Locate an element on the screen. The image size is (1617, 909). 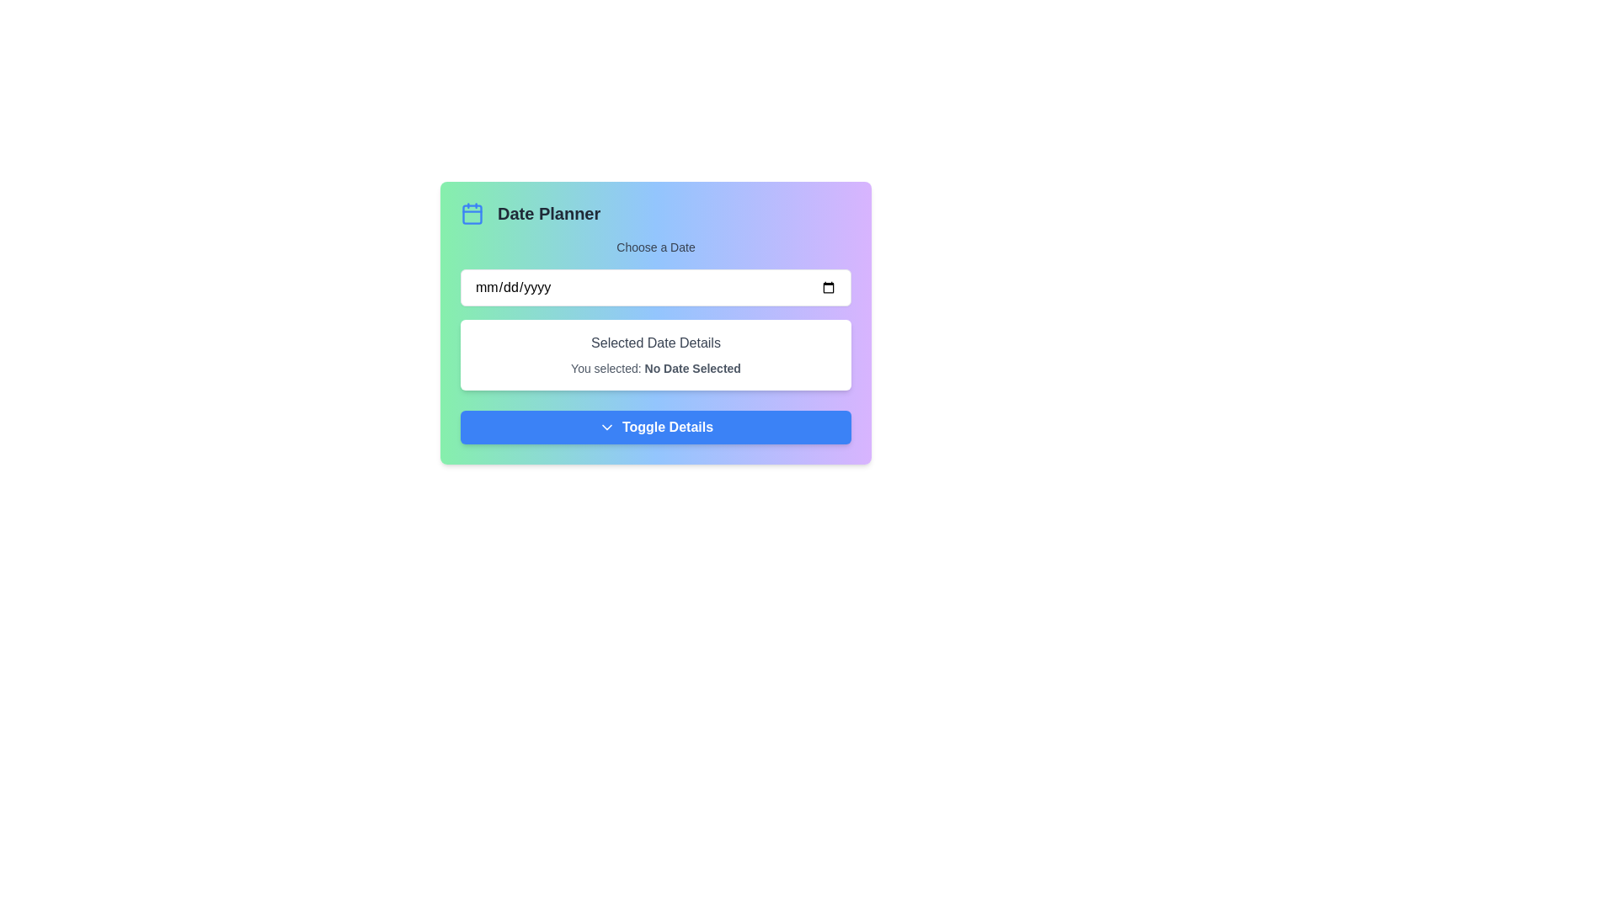
the Date picker input field located in the 'Date Planner' section is located at coordinates (654, 272).